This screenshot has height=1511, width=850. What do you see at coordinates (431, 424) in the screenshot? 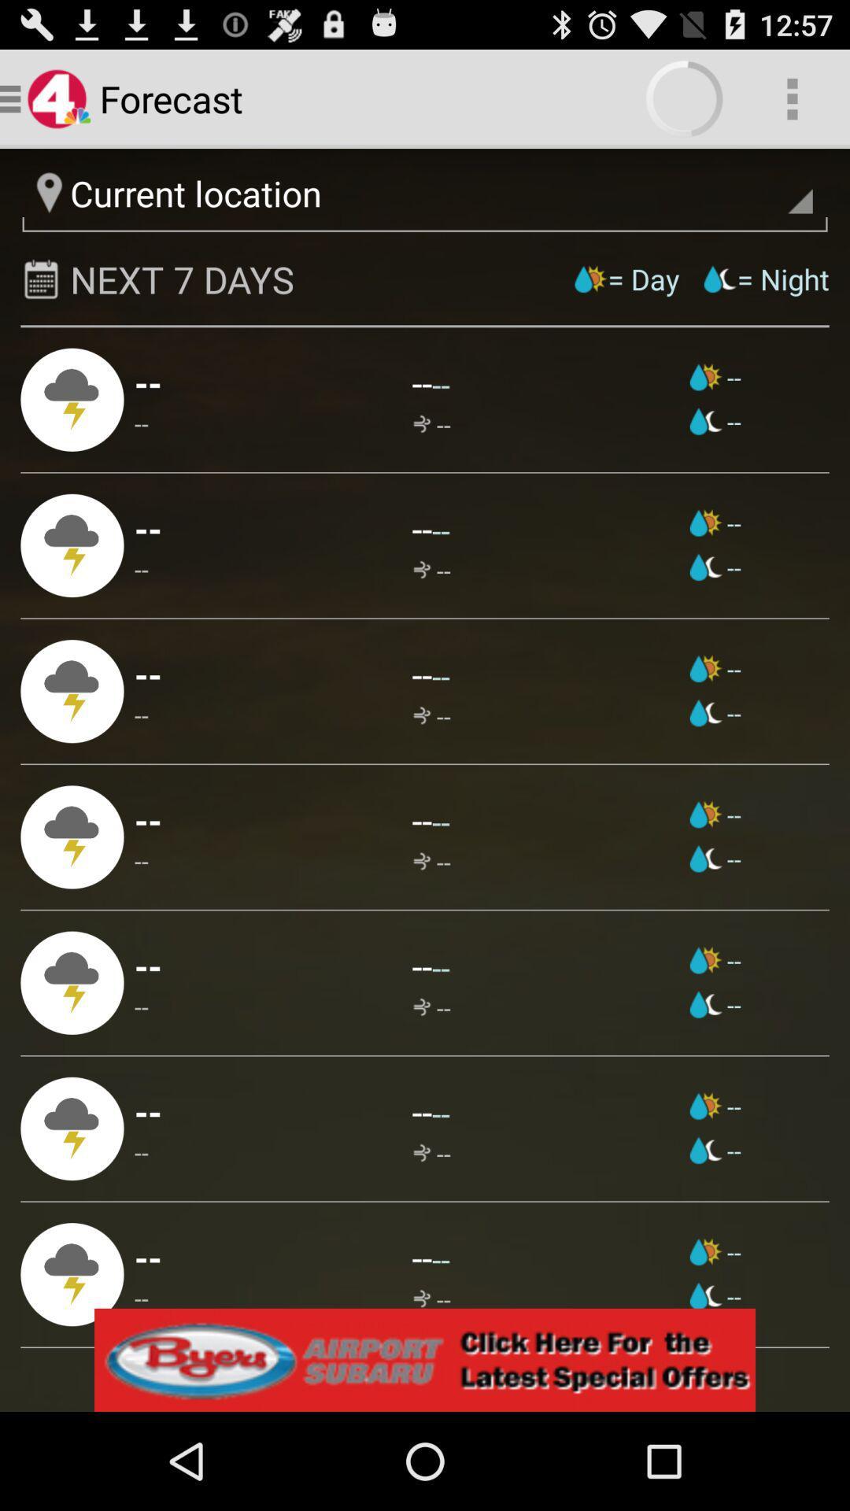
I see `the app next to --` at bounding box center [431, 424].